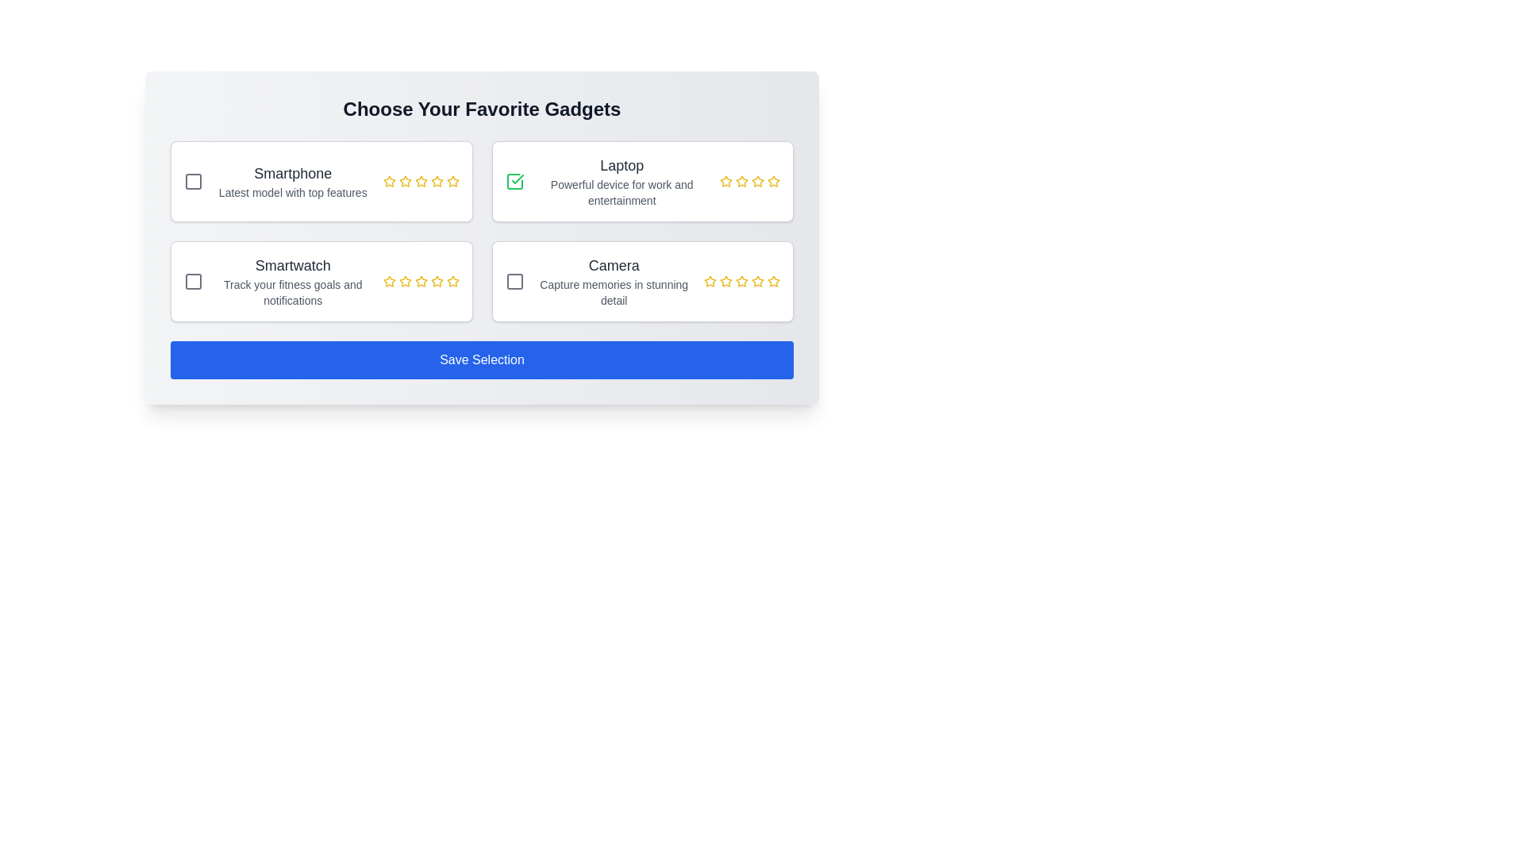 The image size is (1524, 857). What do you see at coordinates (193, 280) in the screenshot?
I see `the checkbox located to the left of the 'Smartwatch' text` at bounding box center [193, 280].